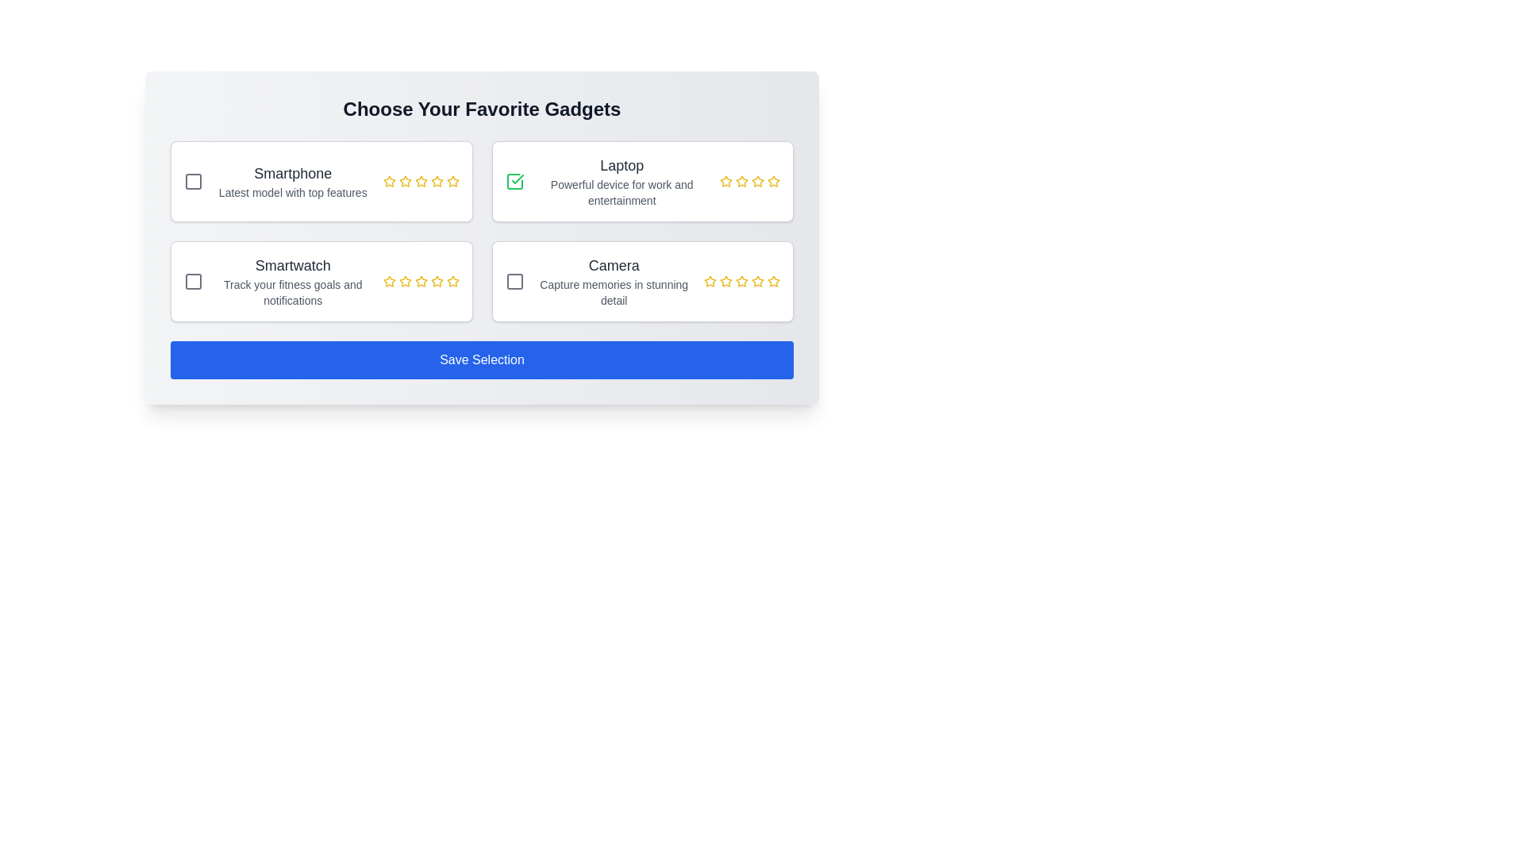 The image size is (1524, 857). What do you see at coordinates (193, 280) in the screenshot?
I see `the checkbox located to the left of the 'Smartwatch' text` at bounding box center [193, 280].